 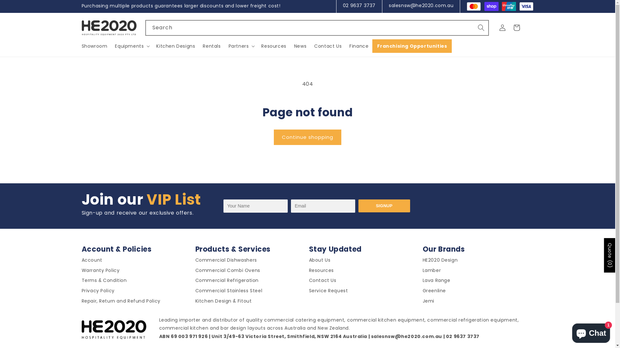 I want to click on 'Kitchen Designs', so click(x=175, y=45).